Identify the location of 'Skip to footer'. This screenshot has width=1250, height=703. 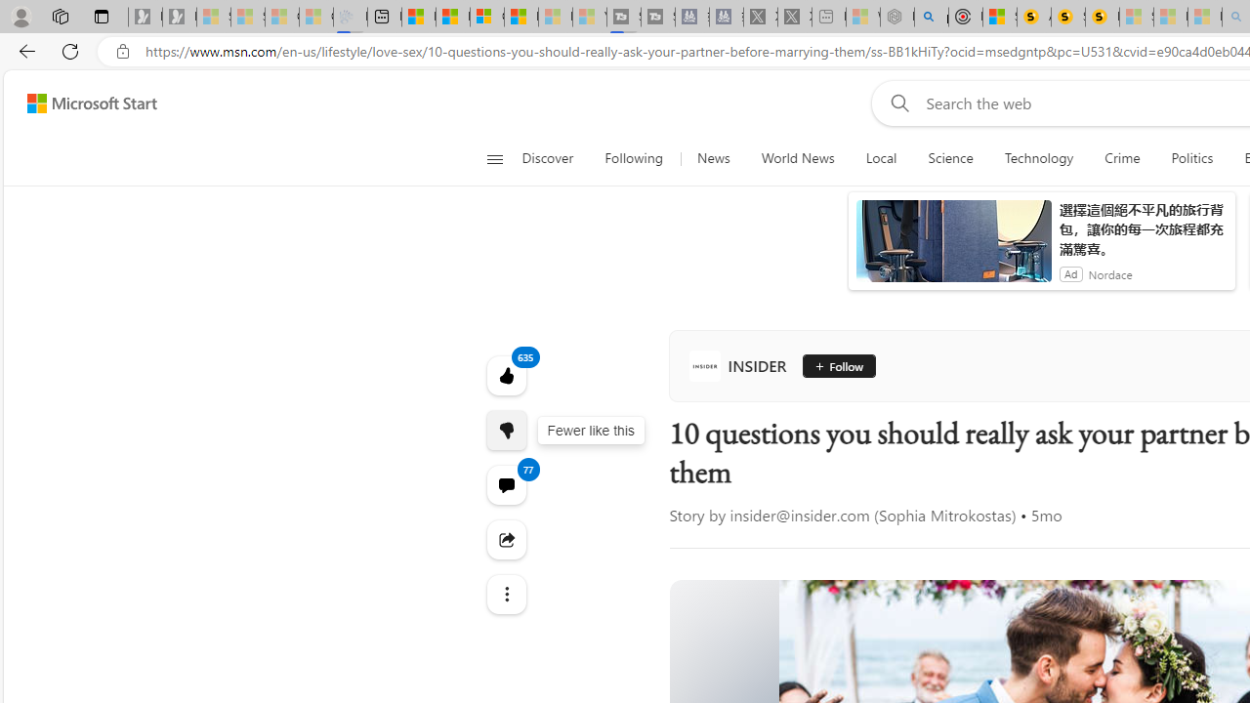
(79, 103).